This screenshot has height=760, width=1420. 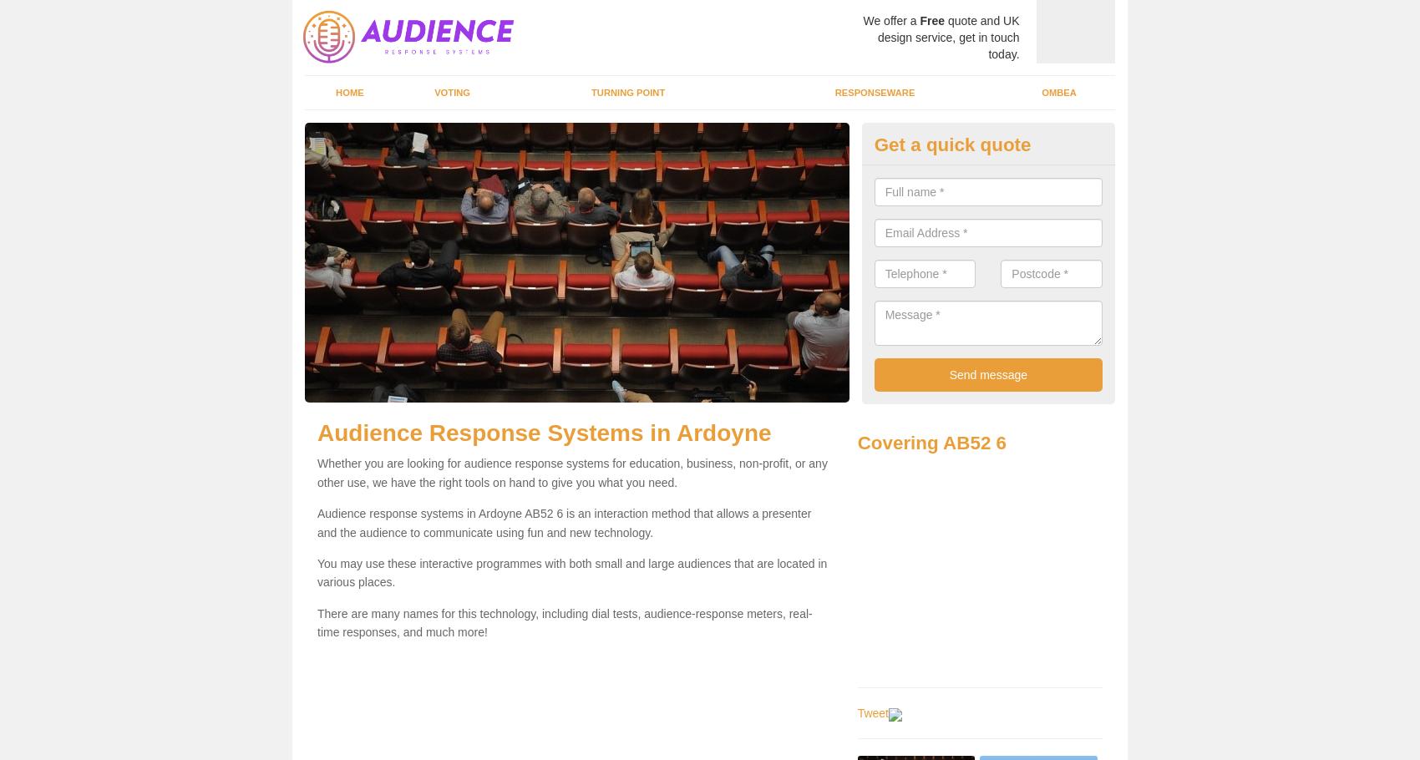 What do you see at coordinates (434, 93) in the screenshot?
I see `'Voting'` at bounding box center [434, 93].